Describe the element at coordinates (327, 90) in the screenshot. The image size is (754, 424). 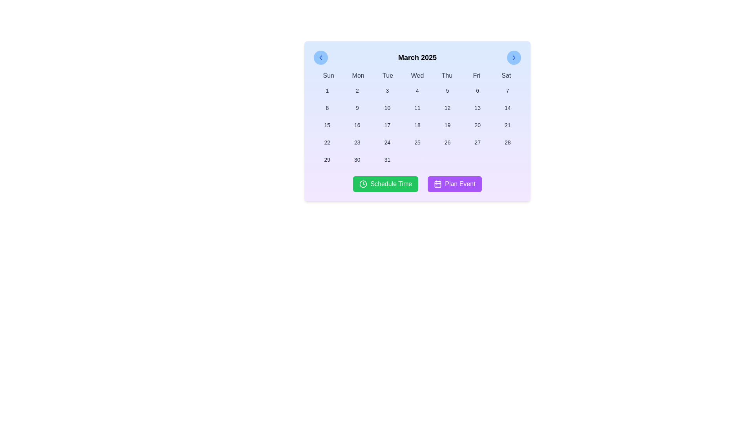
I see `the button labeled '1' in the calendar grid, which is styled with a rounded border and medium gray text, located directly under 'Sun'` at that location.